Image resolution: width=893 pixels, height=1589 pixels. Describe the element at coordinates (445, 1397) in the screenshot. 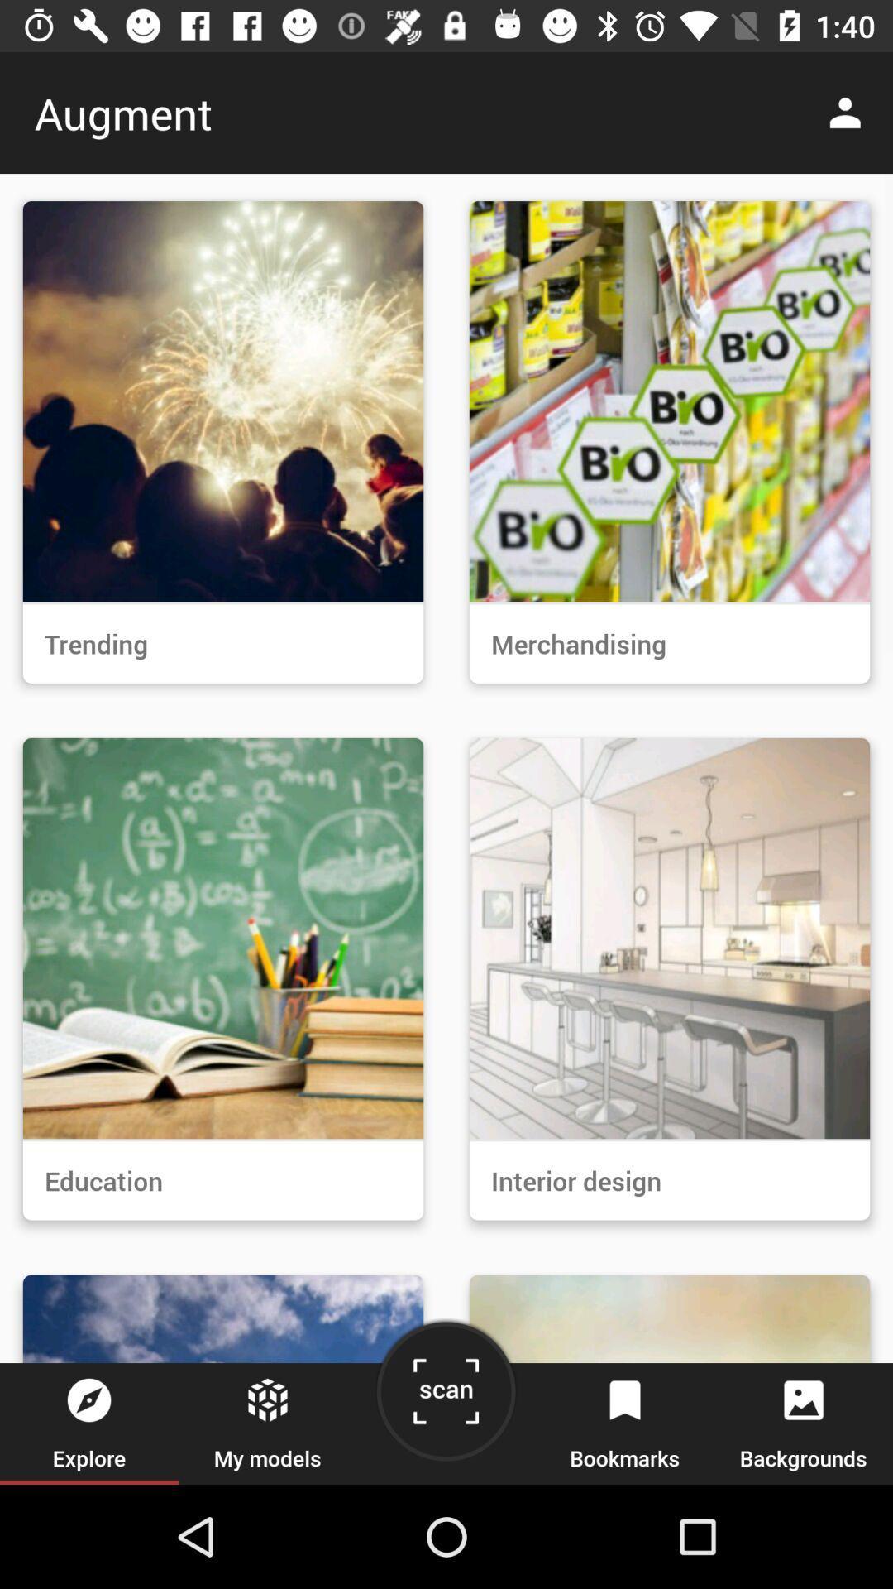

I see `the item next to my models item` at that location.